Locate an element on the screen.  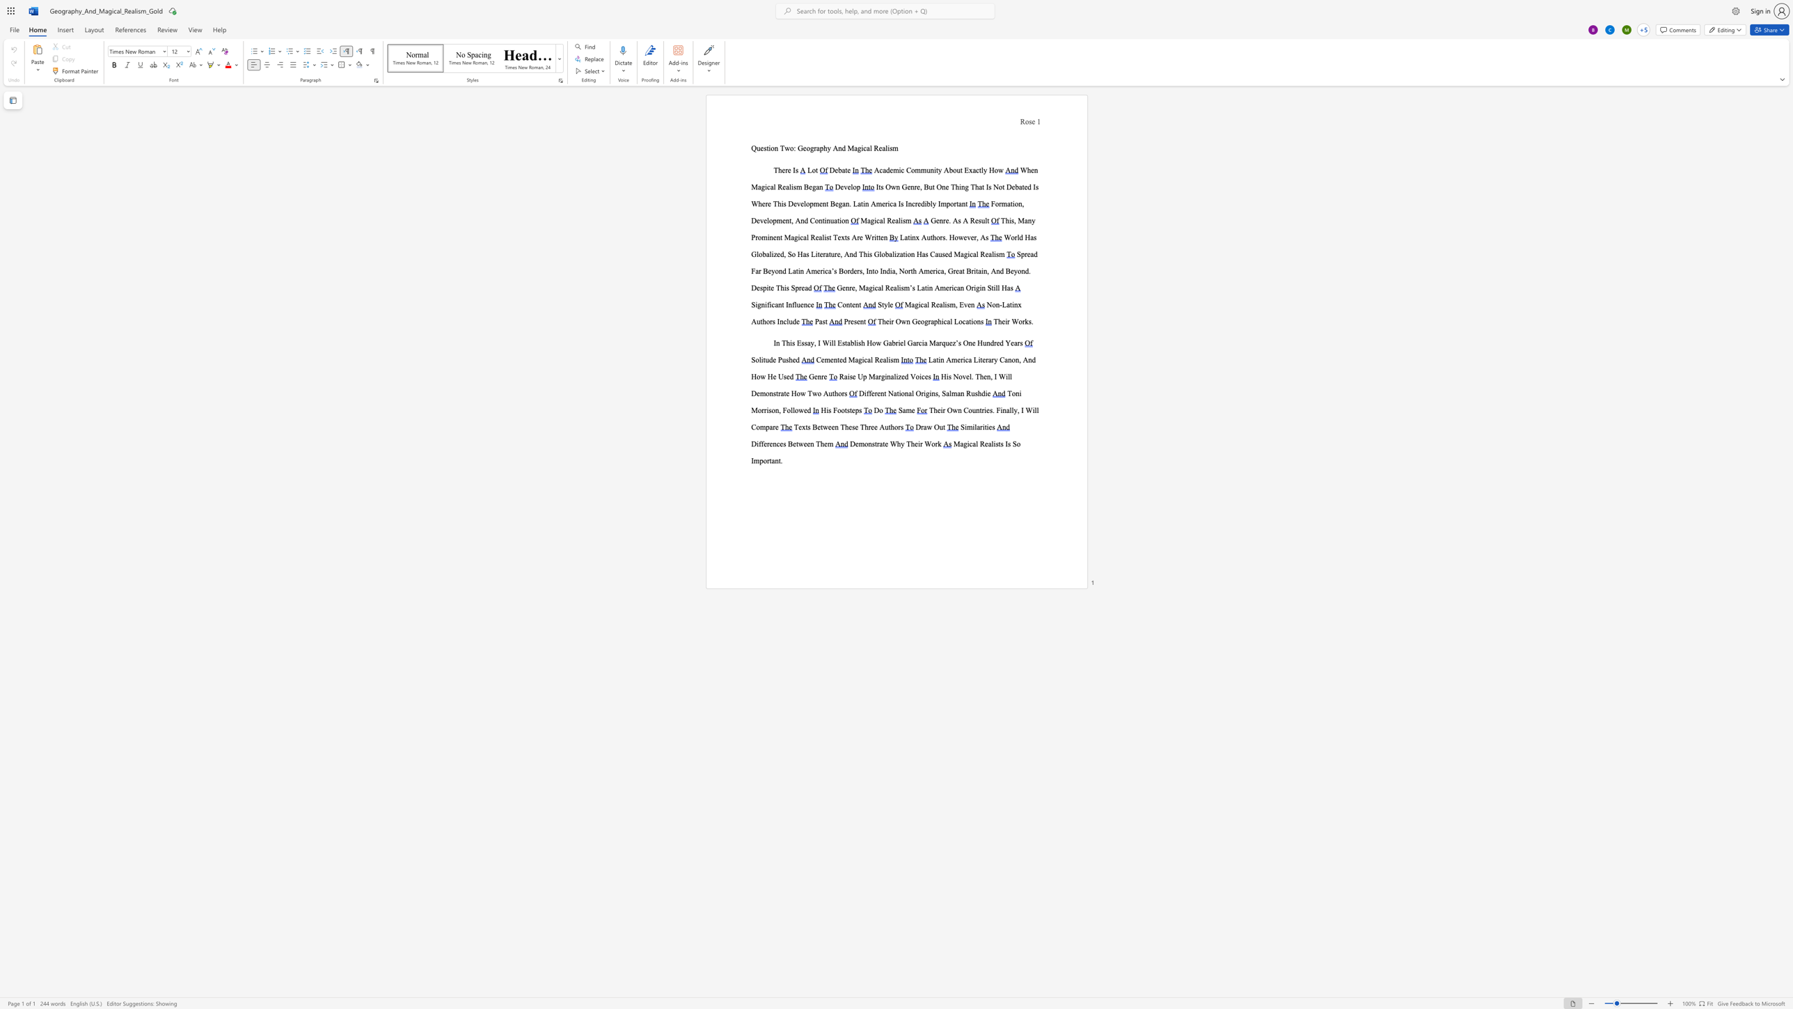
the 1th character "r" in the text is located at coordinates (815, 148).